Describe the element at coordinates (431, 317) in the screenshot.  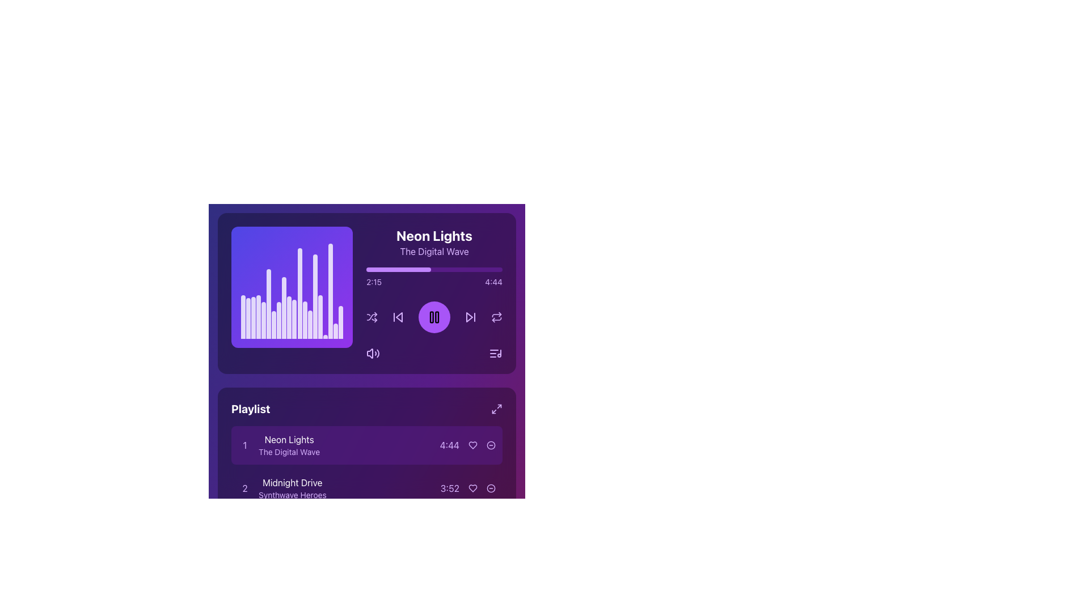
I see `the left vertical rectangular bar of the pause playback icon section` at that location.